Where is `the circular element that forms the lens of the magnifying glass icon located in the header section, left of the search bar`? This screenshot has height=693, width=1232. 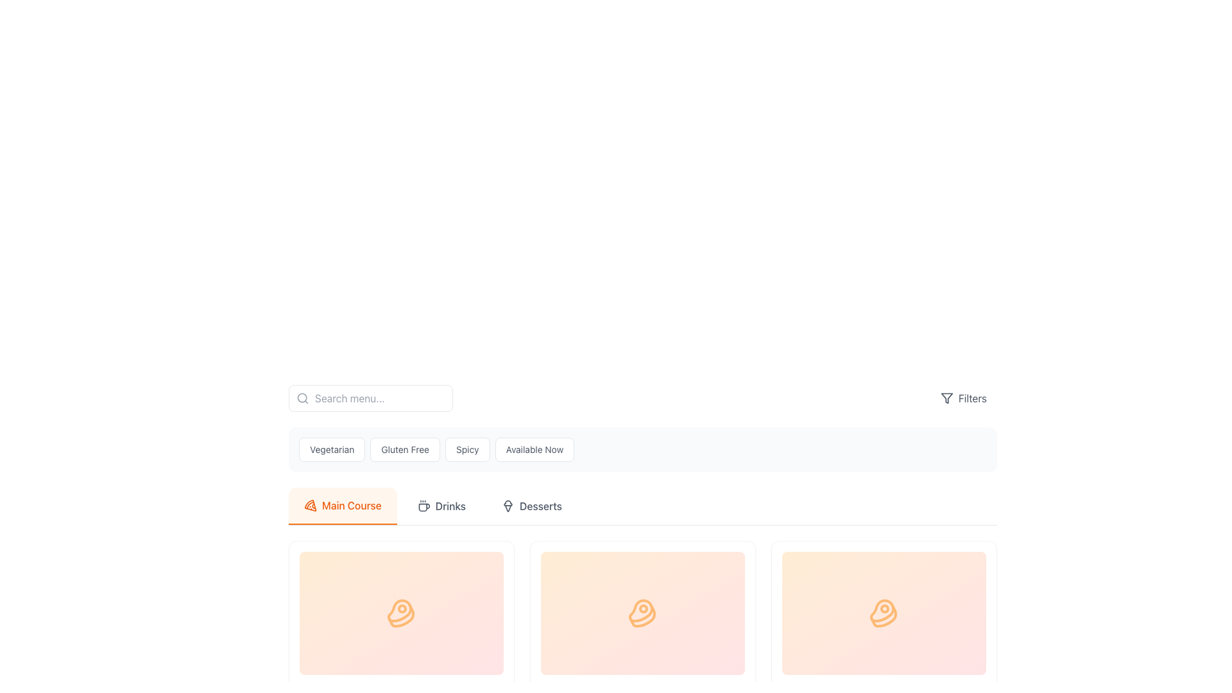
the circular element that forms the lens of the magnifying glass icon located in the header section, left of the search bar is located at coordinates (302, 397).